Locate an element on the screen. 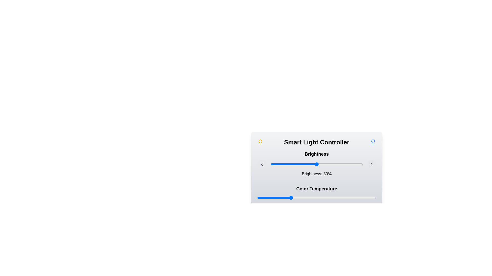 The width and height of the screenshot is (492, 276). brightness value displayed in the text label that shows 'Brightness: 50%', which is centered below the brightness slider is located at coordinates (316, 164).